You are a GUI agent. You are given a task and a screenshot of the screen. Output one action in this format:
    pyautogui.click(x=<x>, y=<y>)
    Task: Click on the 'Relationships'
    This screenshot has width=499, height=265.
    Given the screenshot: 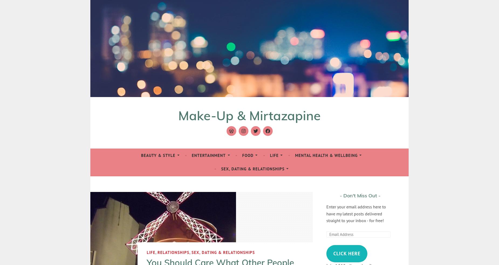 What is the action you would take?
    pyautogui.click(x=173, y=252)
    